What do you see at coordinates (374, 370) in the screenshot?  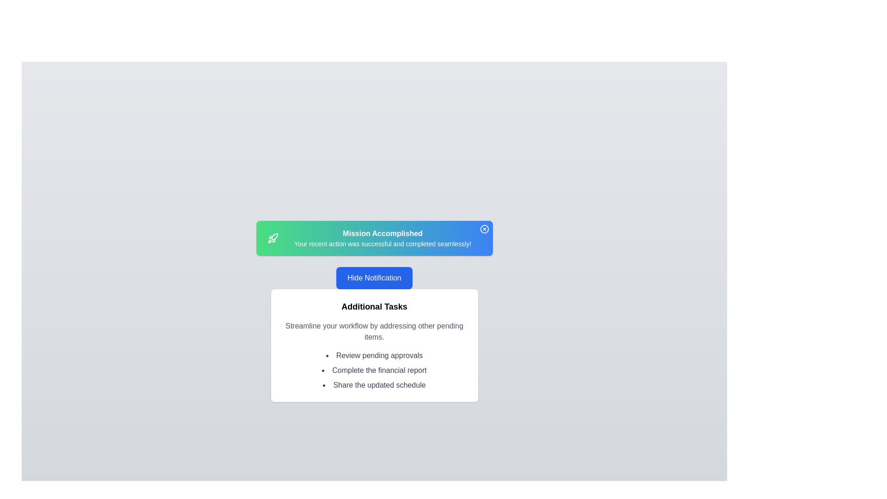 I see `the list item 'Complete the financial report' in the 'Additional Tasks' section` at bounding box center [374, 370].